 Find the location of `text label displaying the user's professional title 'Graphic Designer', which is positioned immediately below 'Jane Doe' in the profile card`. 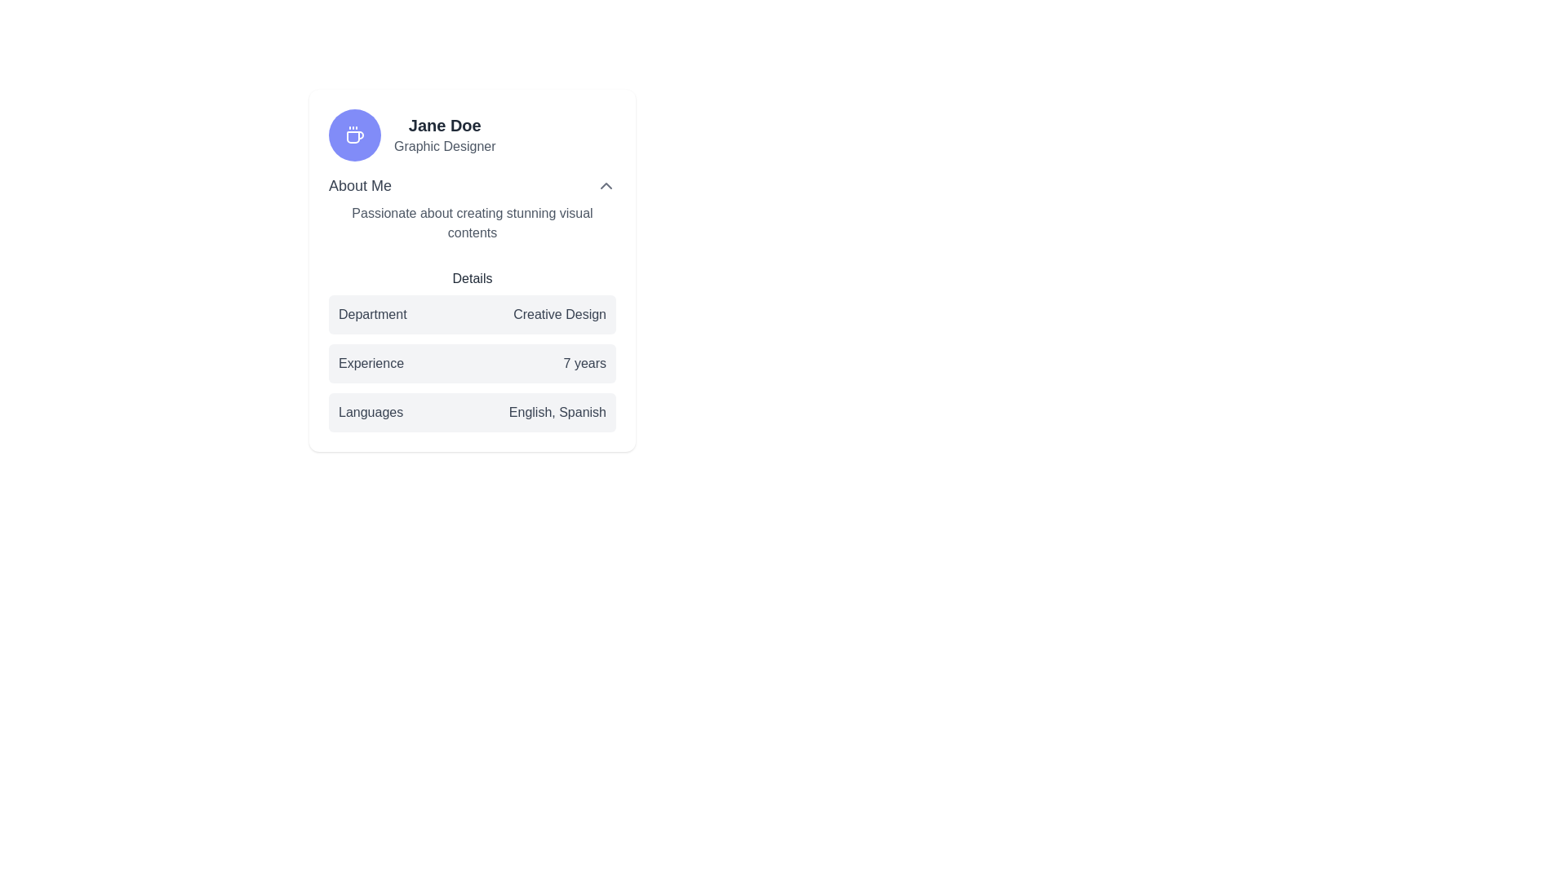

text label displaying the user's professional title 'Graphic Designer', which is positioned immediately below 'Jane Doe' in the profile card is located at coordinates (445, 147).